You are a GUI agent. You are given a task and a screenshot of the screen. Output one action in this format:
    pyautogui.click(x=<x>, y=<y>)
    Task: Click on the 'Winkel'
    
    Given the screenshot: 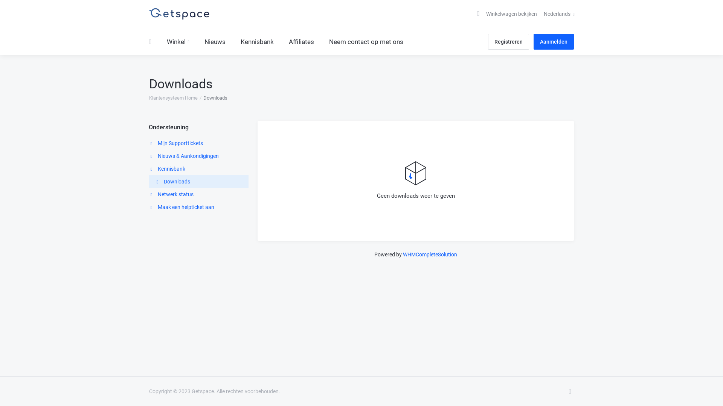 What is the action you would take?
    pyautogui.click(x=178, y=42)
    